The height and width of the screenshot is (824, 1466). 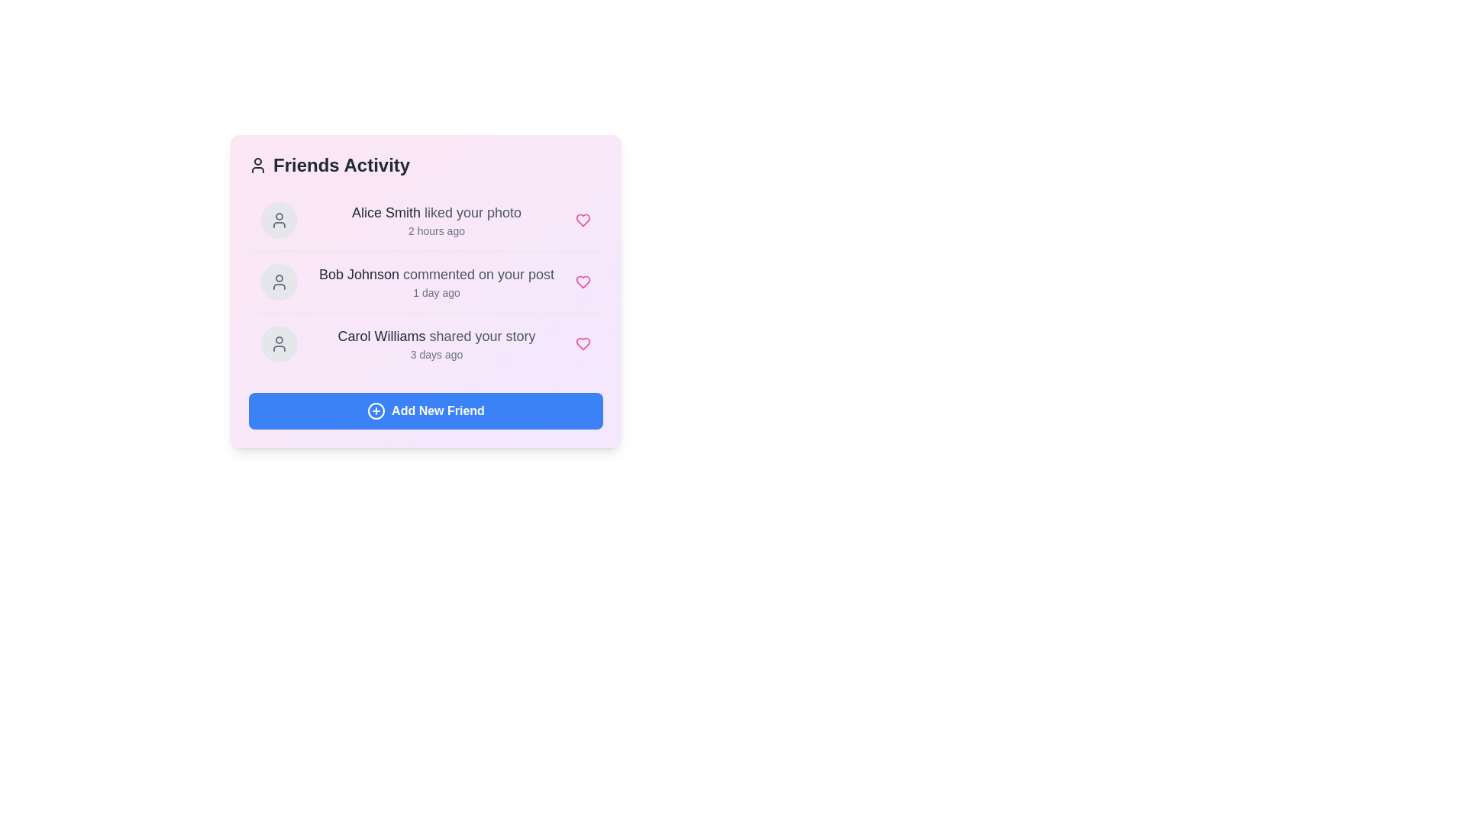 I want to click on the activity item corresponding to Alice Smith liked your photo, so click(x=425, y=220).